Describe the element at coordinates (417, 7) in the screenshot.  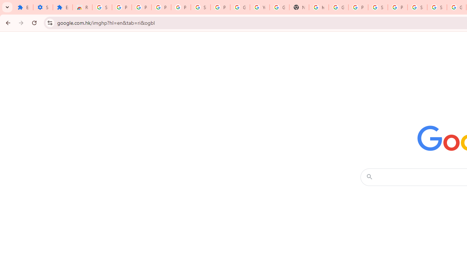
I see `'Sign in - Google Accounts'` at that location.